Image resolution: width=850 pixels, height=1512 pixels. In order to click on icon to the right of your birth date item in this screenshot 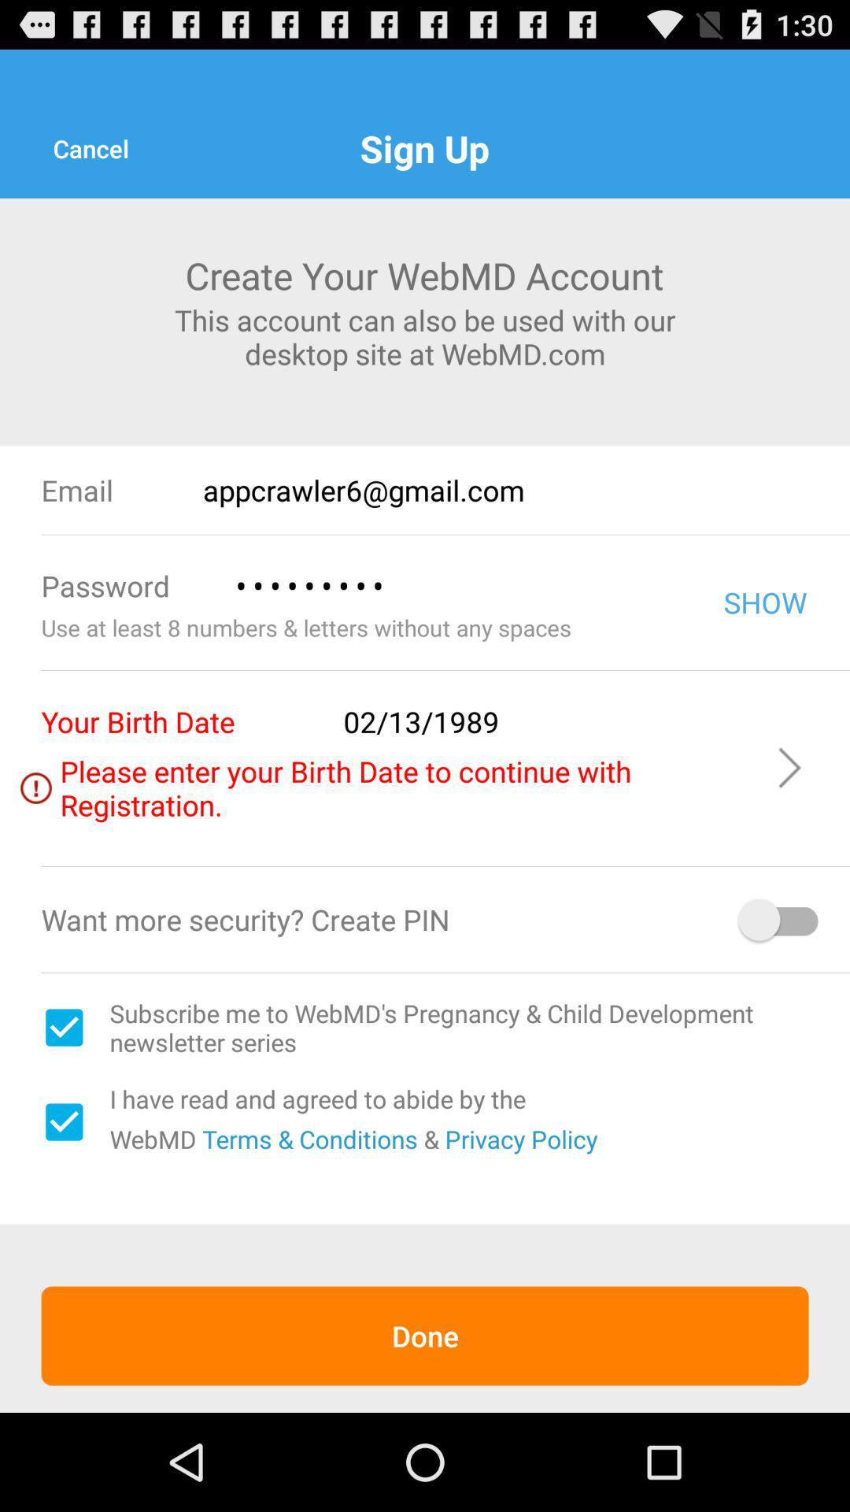, I will do `click(548, 721)`.